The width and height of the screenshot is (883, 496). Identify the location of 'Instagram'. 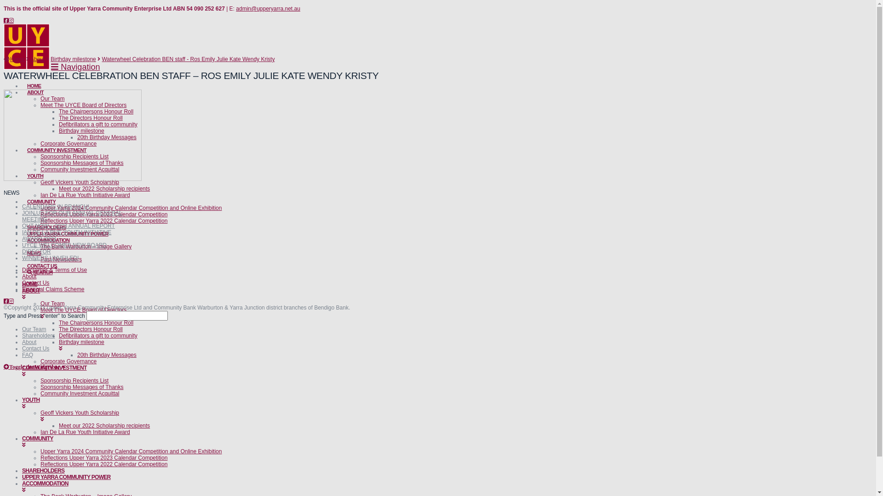
(11, 21).